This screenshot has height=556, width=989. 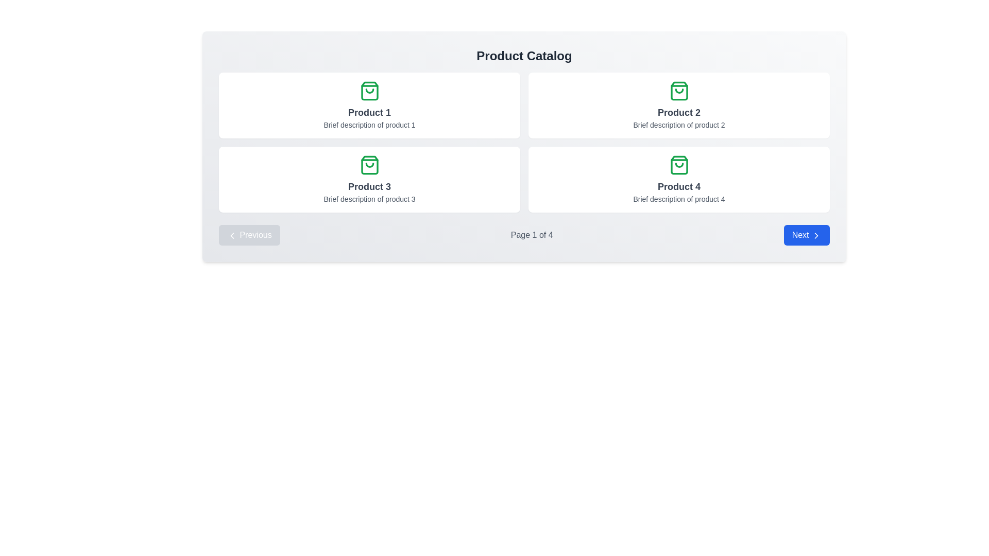 I want to click on the shopping bag icon located in the top section of the card labeled 'Product 3' in the third quadrant of the grid layout, so click(x=369, y=164).